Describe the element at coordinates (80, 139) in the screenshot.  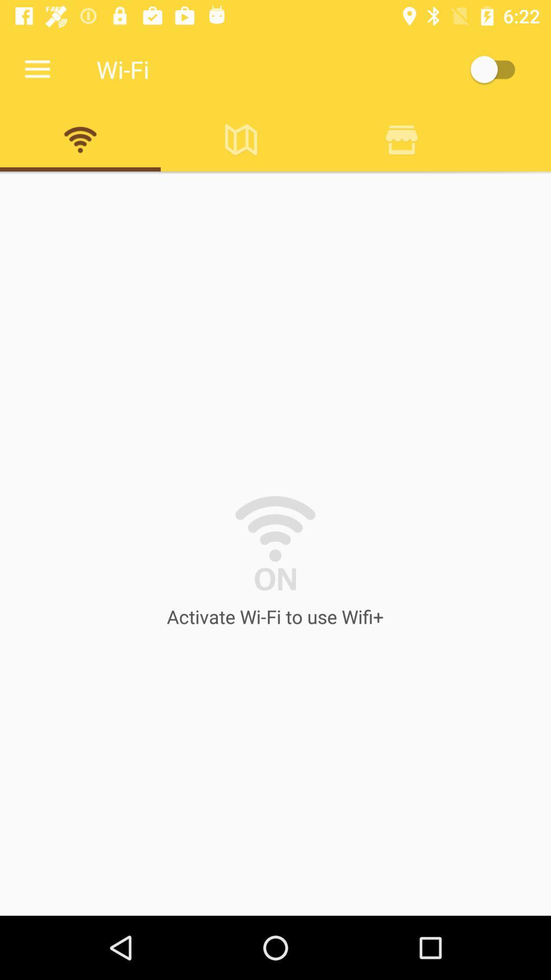
I see `wifi signal on` at that location.